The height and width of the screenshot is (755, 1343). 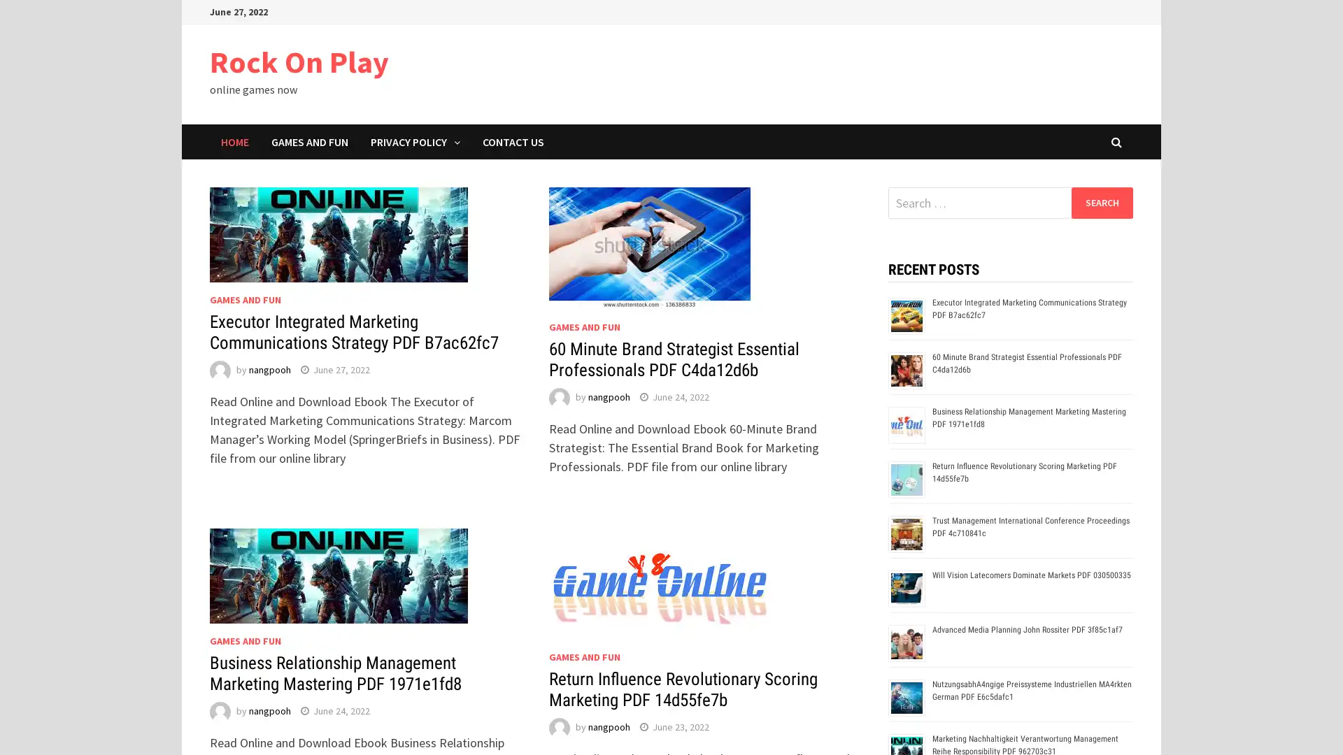 I want to click on Search, so click(x=1101, y=202).